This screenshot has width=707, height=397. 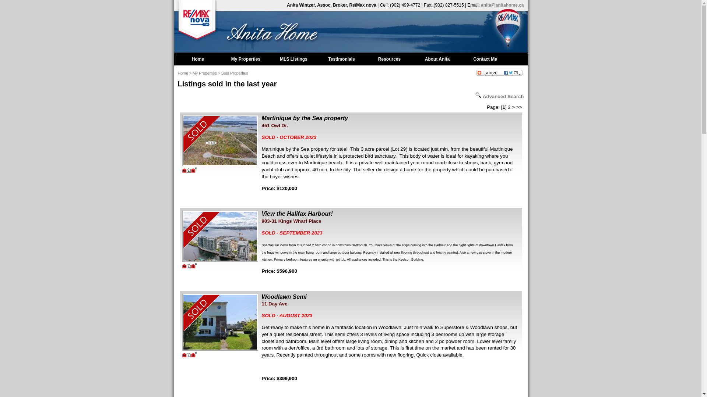 I want to click on '>>', so click(x=519, y=107).